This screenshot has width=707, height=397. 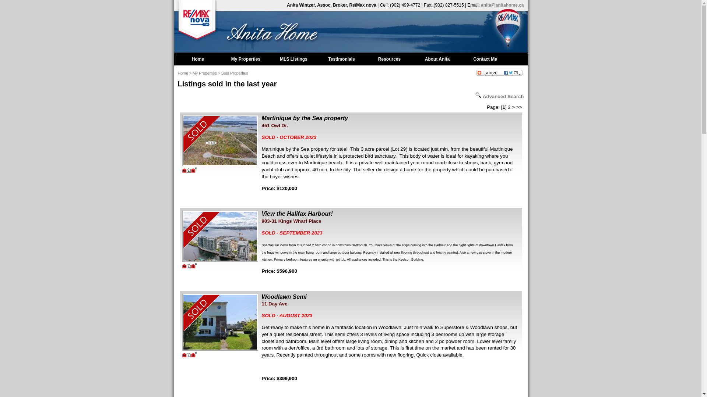 I want to click on '>>', so click(x=519, y=107).